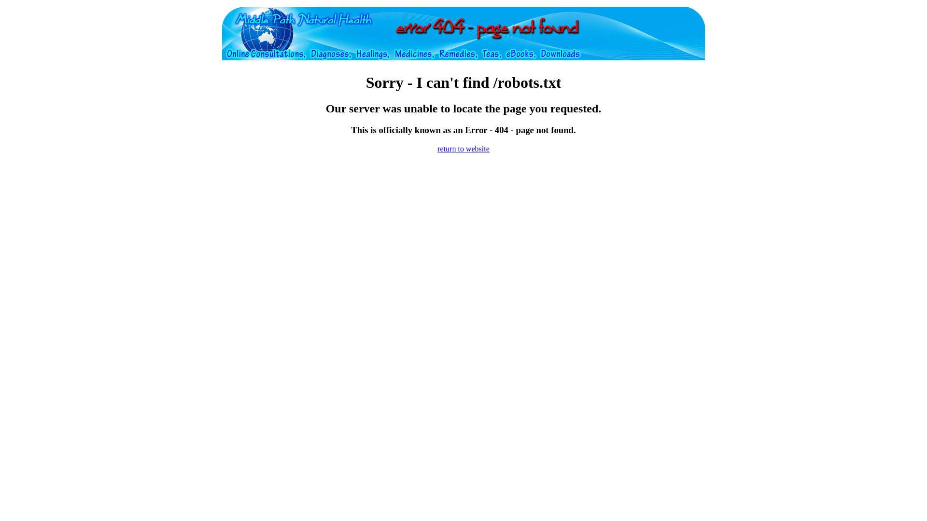 The height and width of the screenshot is (521, 927). Describe the element at coordinates (463, 149) in the screenshot. I see `'return to website'` at that location.